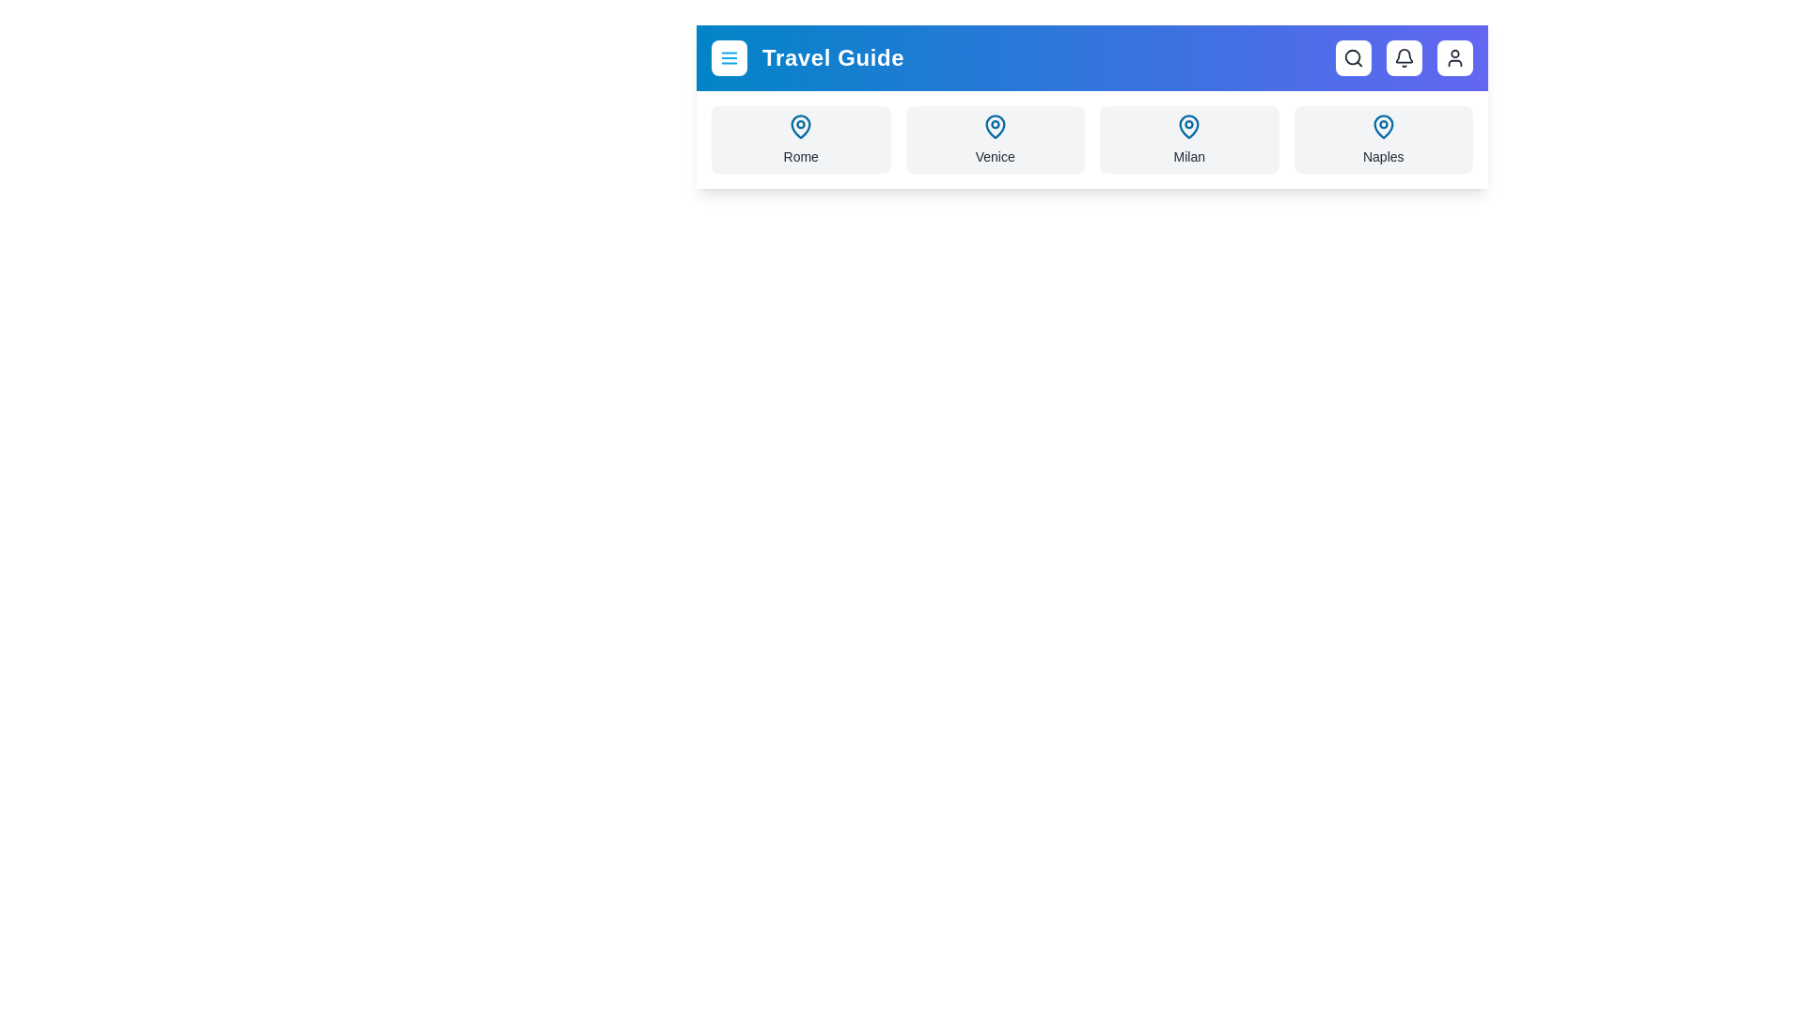 The width and height of the screenshot is (1805, 1015). What do you see at coordinates (1454, 56) in the screenshot?
I see `the user button to access user account options` at bounding box center [1454, 56].